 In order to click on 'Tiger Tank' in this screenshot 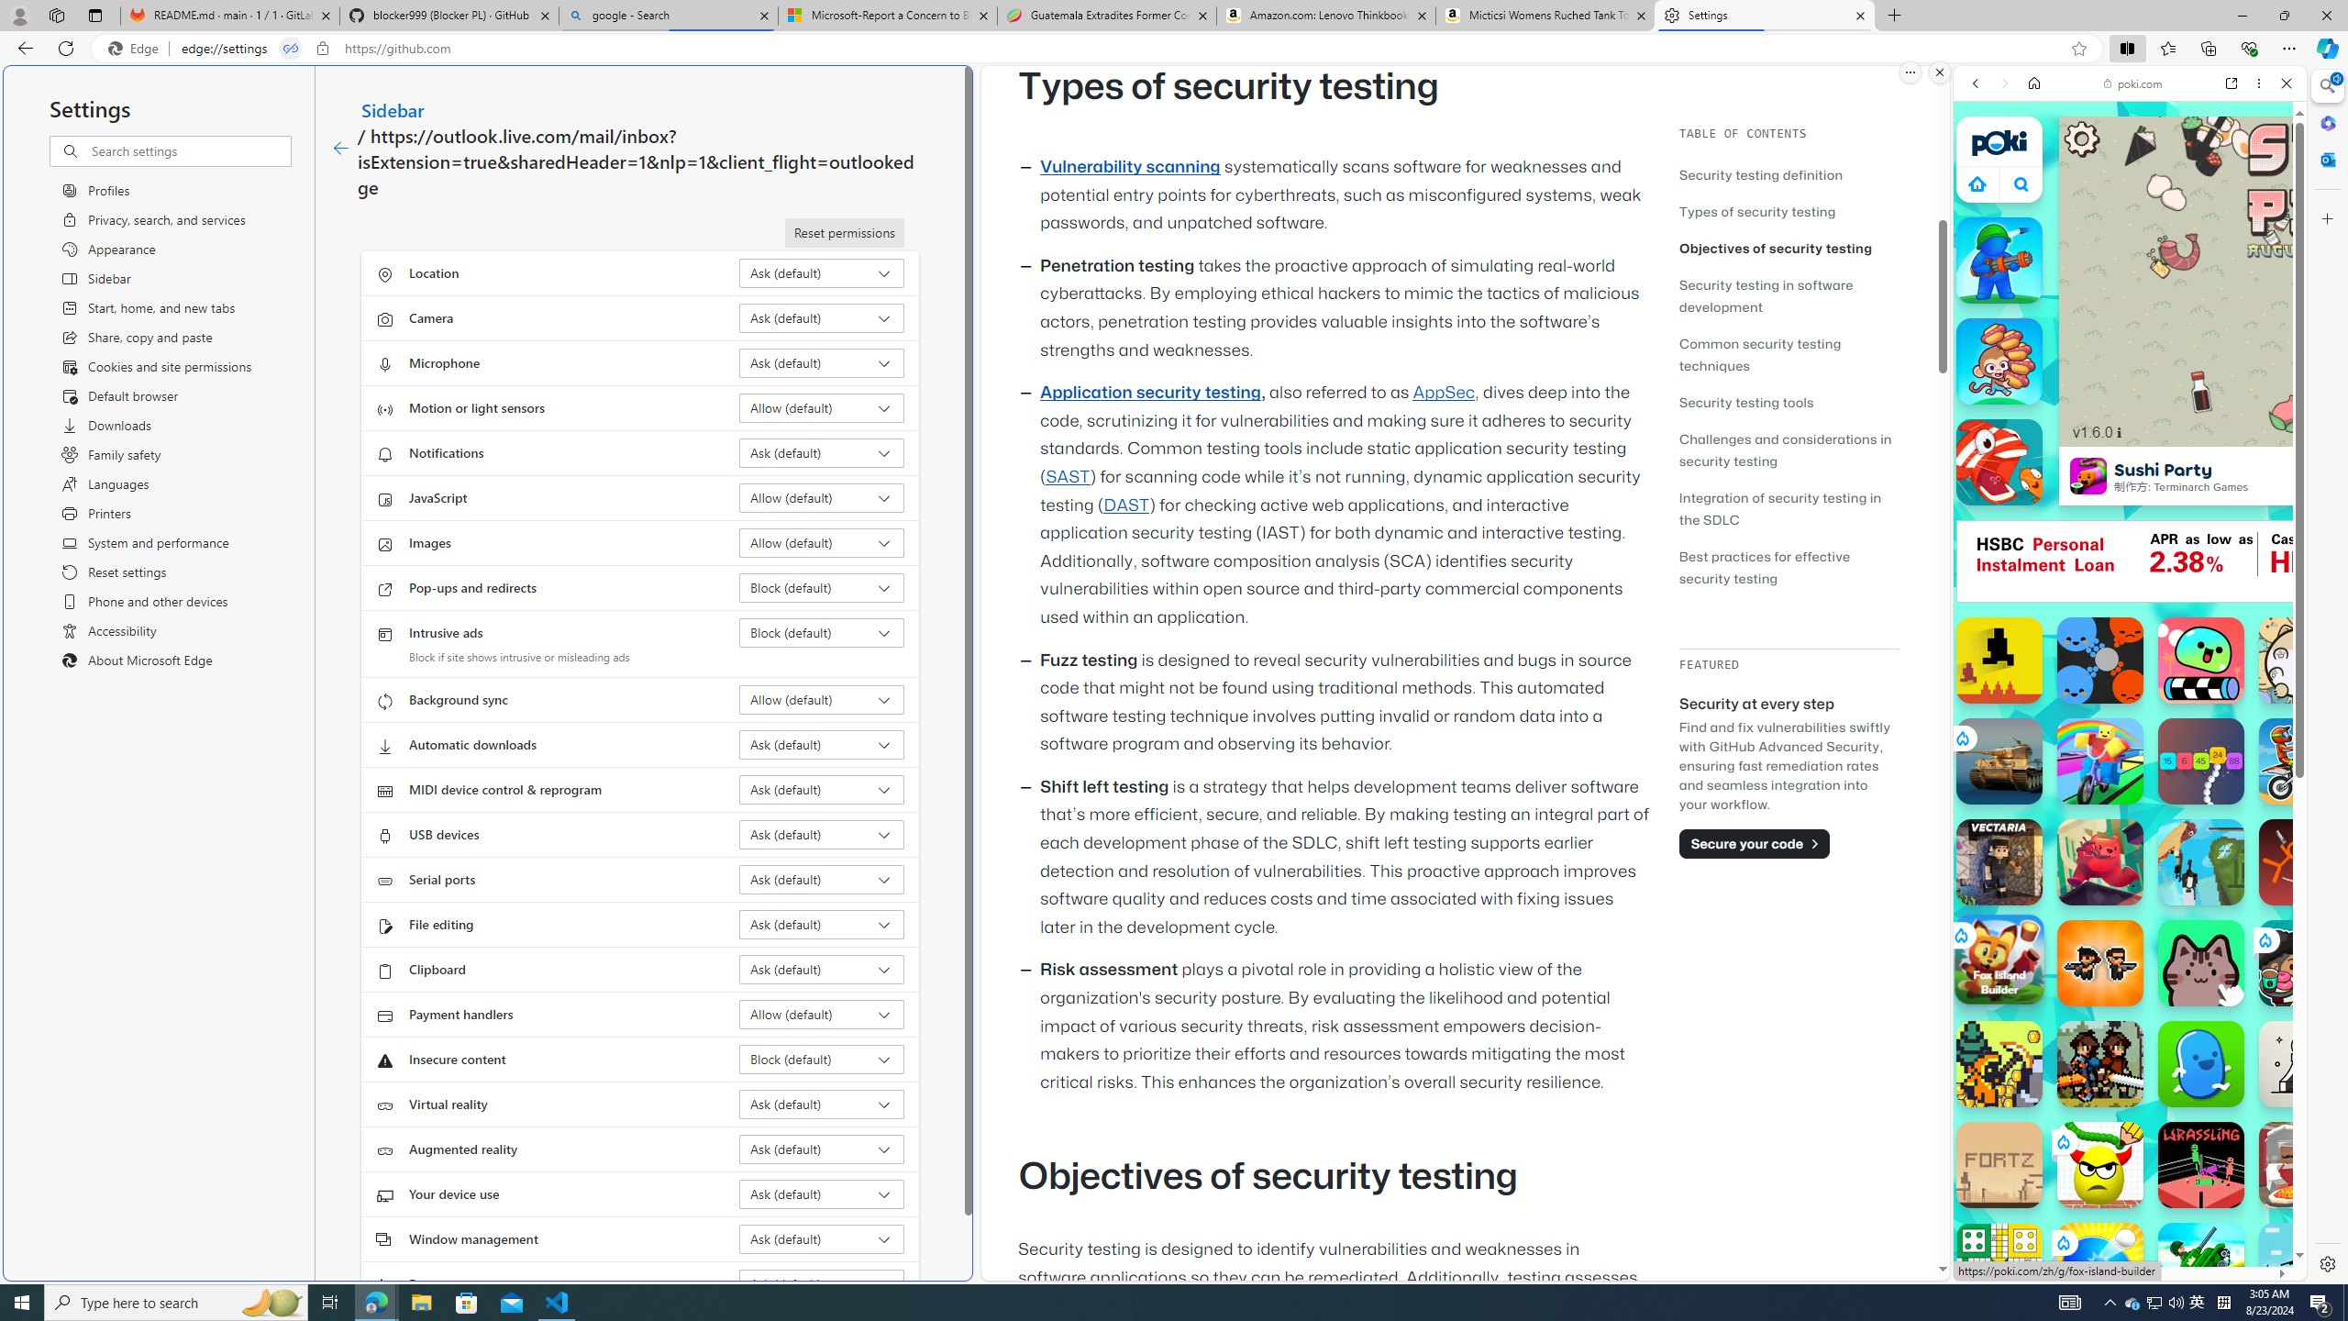, I will do `click(1998, 761)`.